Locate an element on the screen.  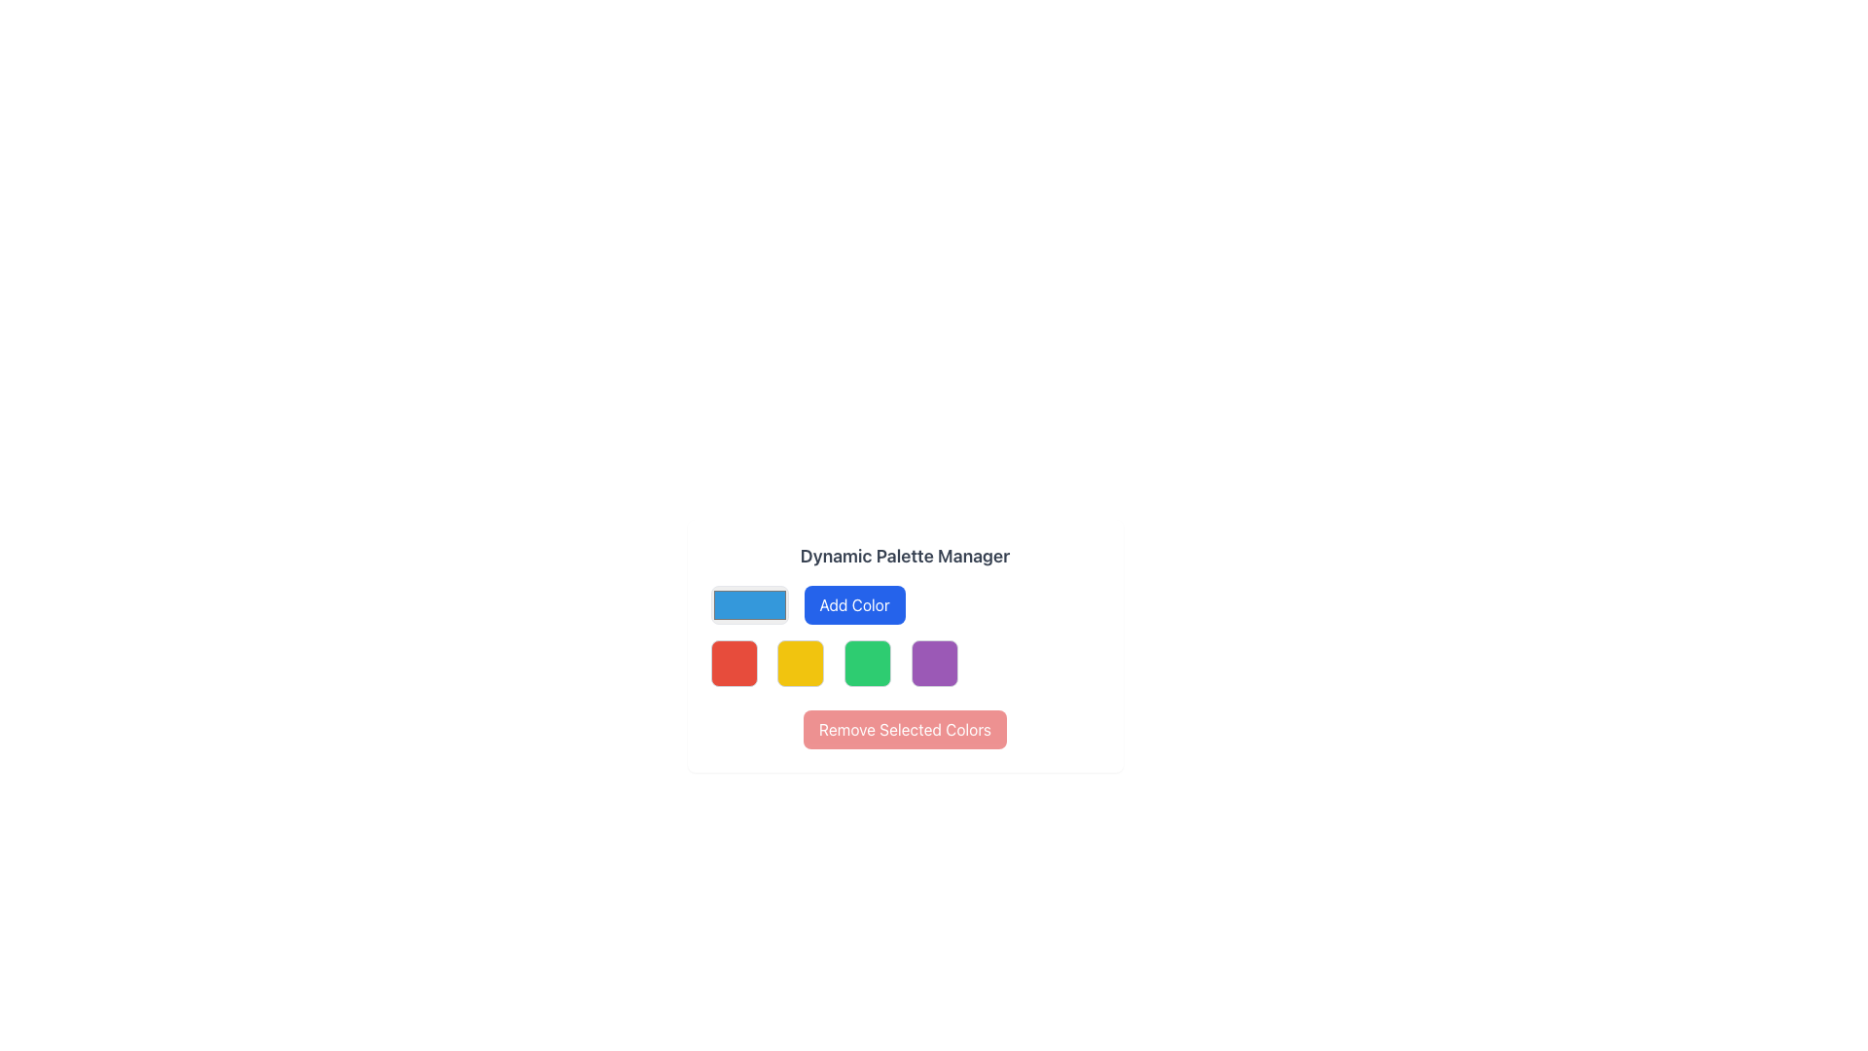
the button that allows users to add a new color to the palette, located to the right of the color picker input and below the title 'Dynamic Palette Manager' is located at coordinates (854, 603).